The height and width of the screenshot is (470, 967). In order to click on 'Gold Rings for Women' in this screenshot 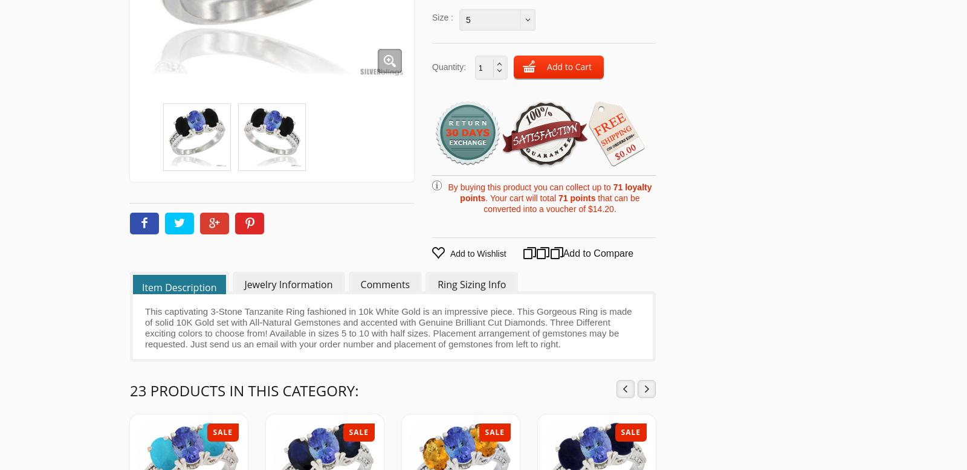, I will do `click(666, 69)`.